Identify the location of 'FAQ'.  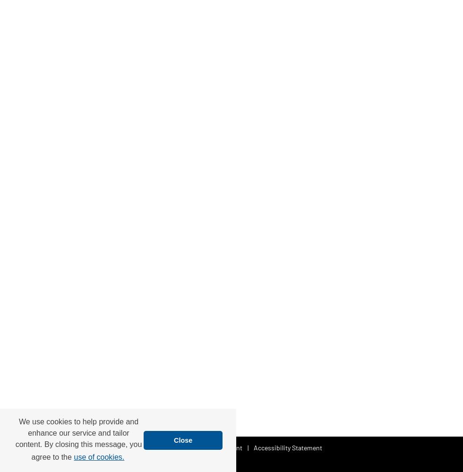
(186, 447).